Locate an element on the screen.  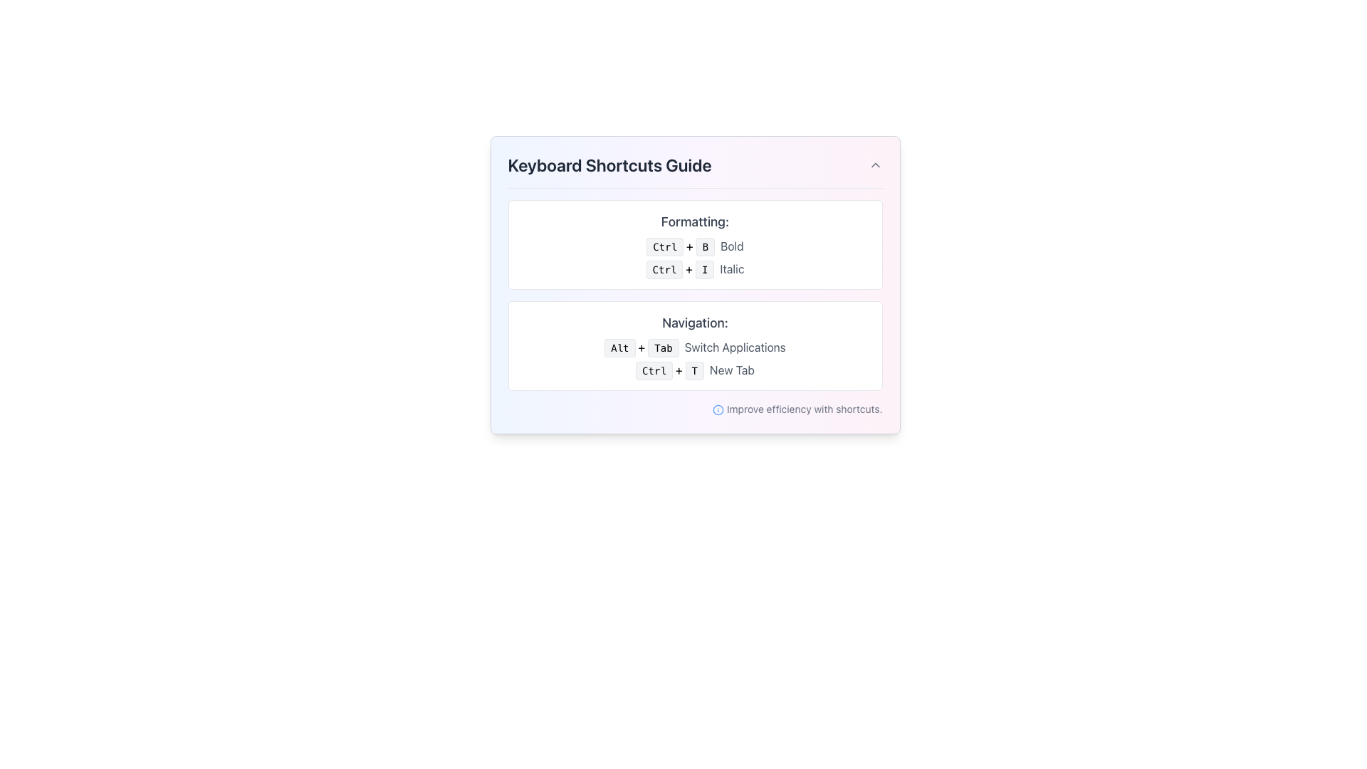
text displayed in the Header titled 'Keyboard Shortcuts Guide', which is styled in bold and dark gray at the top of the content grouping is located at coordinates (695, 170).